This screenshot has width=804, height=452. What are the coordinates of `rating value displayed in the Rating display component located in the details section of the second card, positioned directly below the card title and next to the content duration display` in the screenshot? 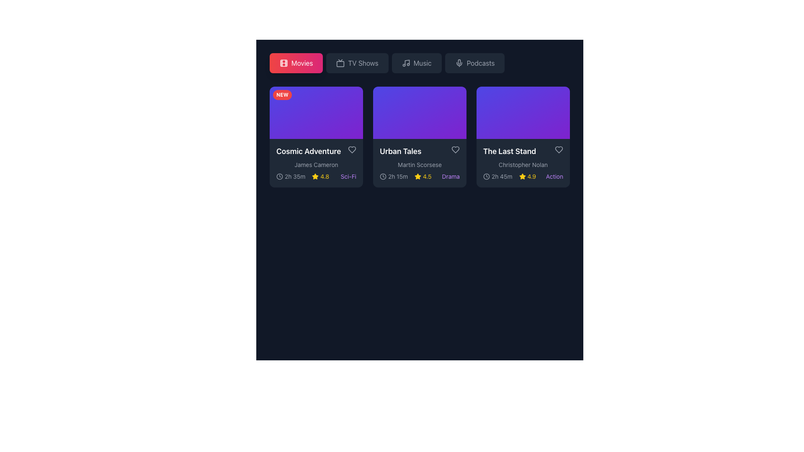 It's located at (423, 176).